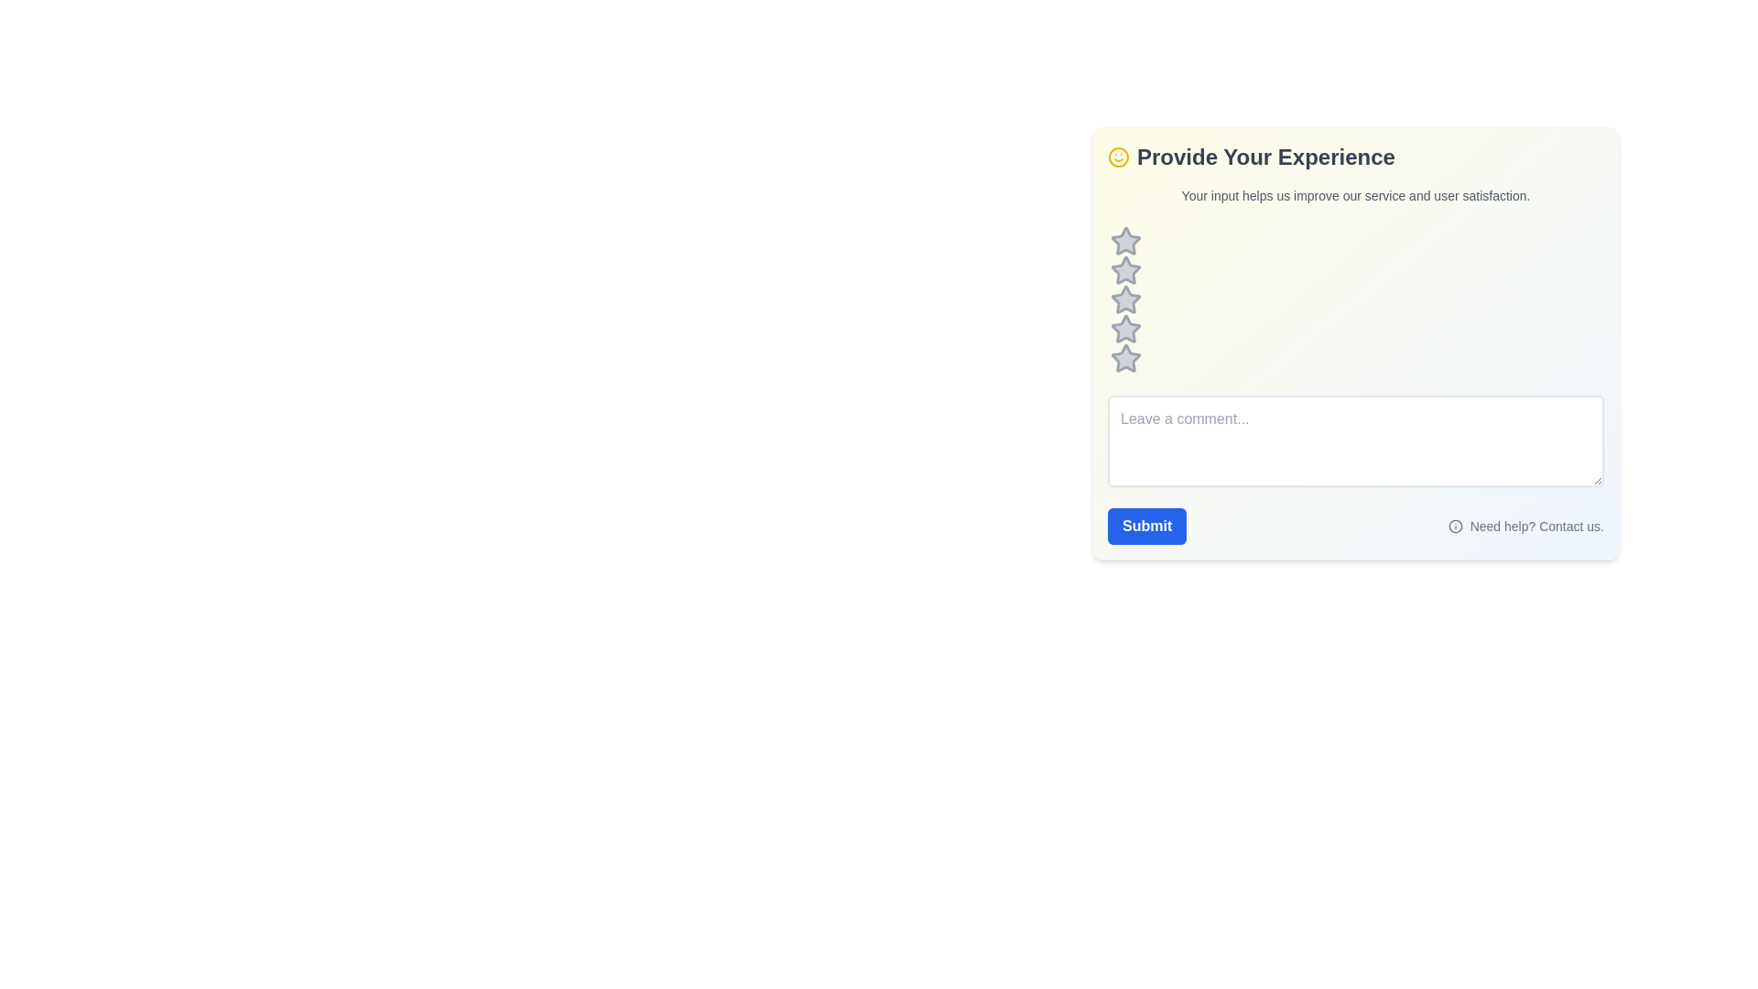 This screenshot has height=989, width=1758. What do you see at coordinates (1124, 240) in the screenshot?
I see `the topmost rating star in the vertical set located to the left side of the 'Provide Your Experience' feedback form` at bounding box center [1124, 240].